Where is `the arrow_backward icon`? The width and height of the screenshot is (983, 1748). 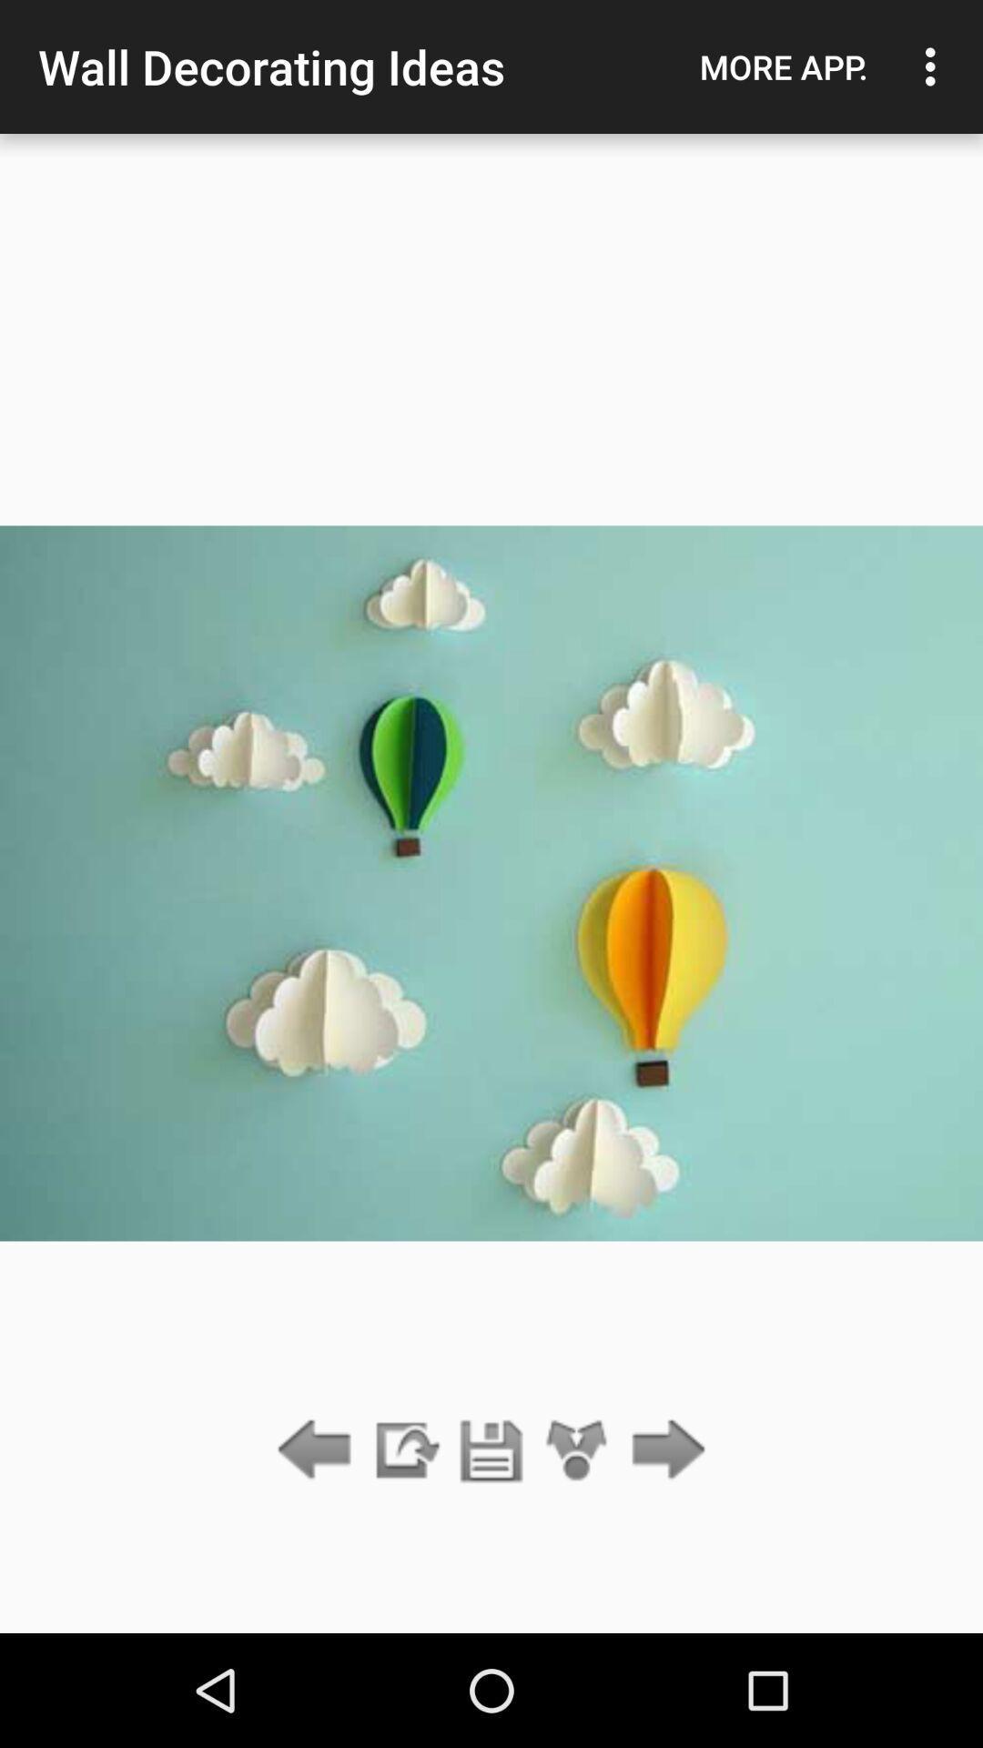
the arrow_backward icon is located at coordinates (319, 1450).